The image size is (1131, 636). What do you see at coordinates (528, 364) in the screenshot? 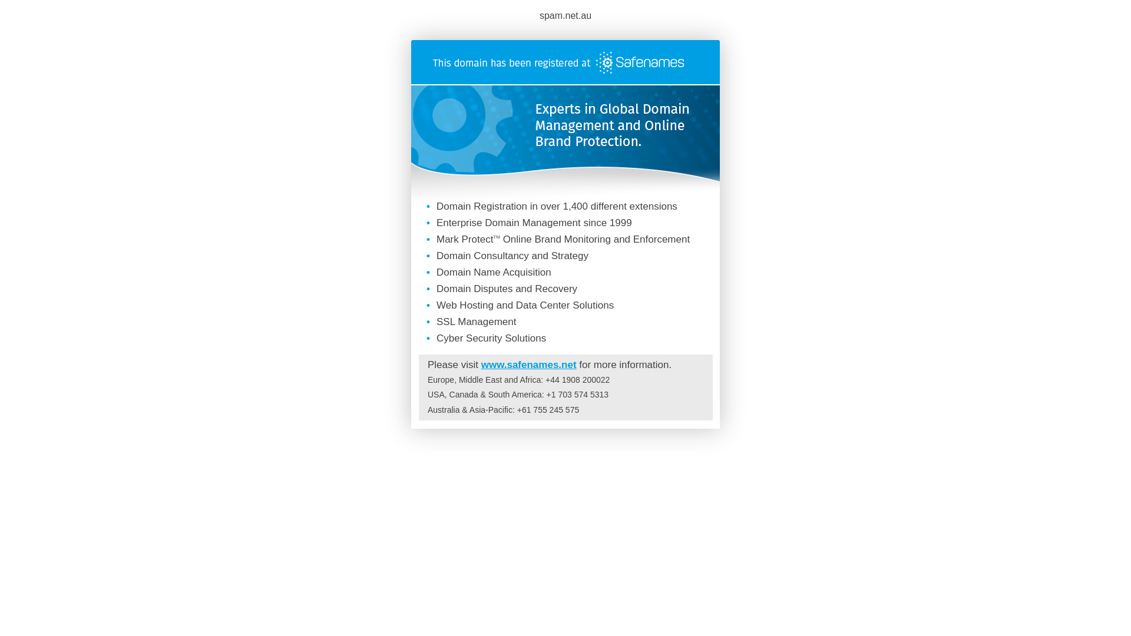
I see `'www.safenames.net'` at bounding box center [528, 364].